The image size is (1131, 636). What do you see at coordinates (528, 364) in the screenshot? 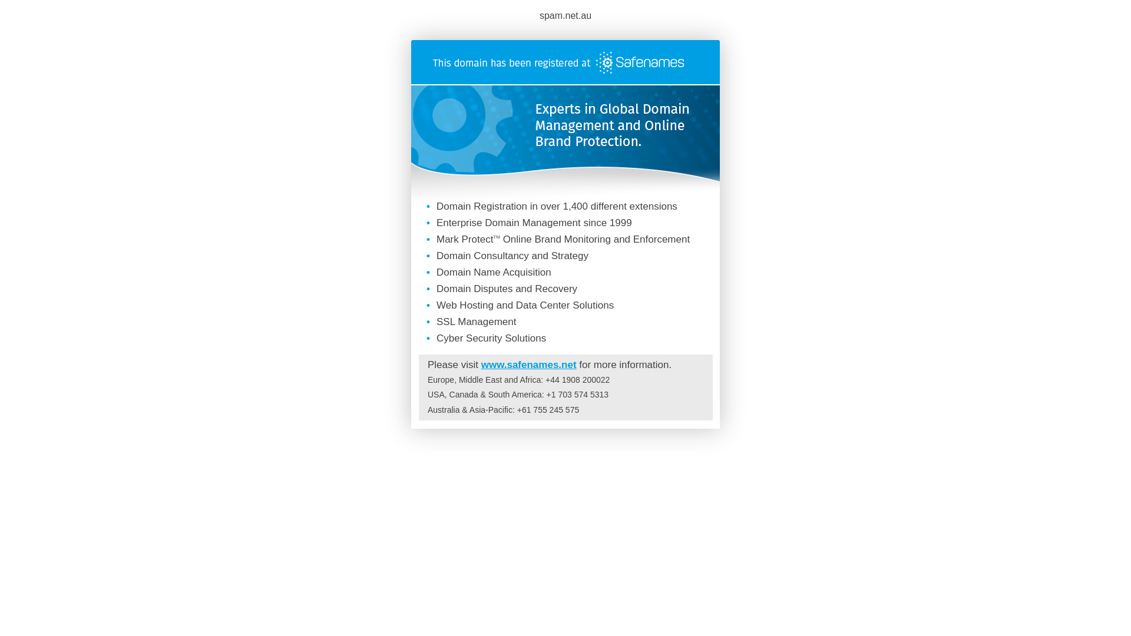
I see `'www.safenames.net'` at bounding box center [528, 364].